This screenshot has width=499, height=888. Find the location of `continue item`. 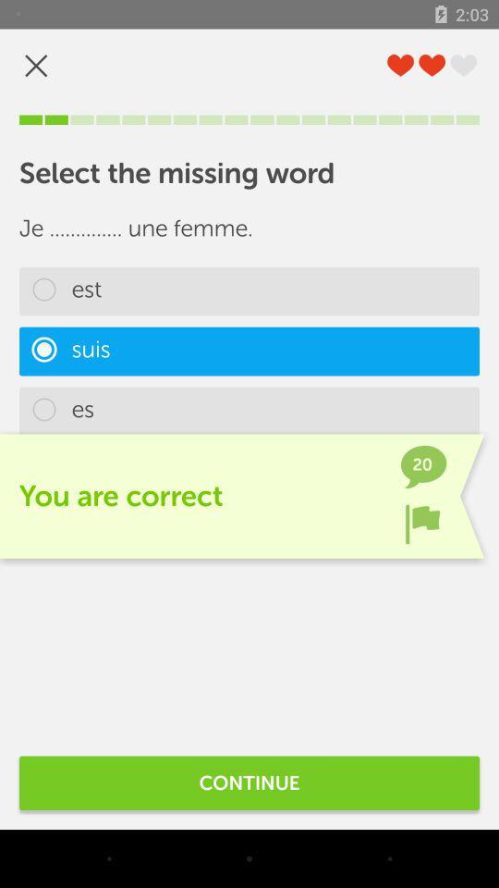

continue item is located at coordinates (249, 782).